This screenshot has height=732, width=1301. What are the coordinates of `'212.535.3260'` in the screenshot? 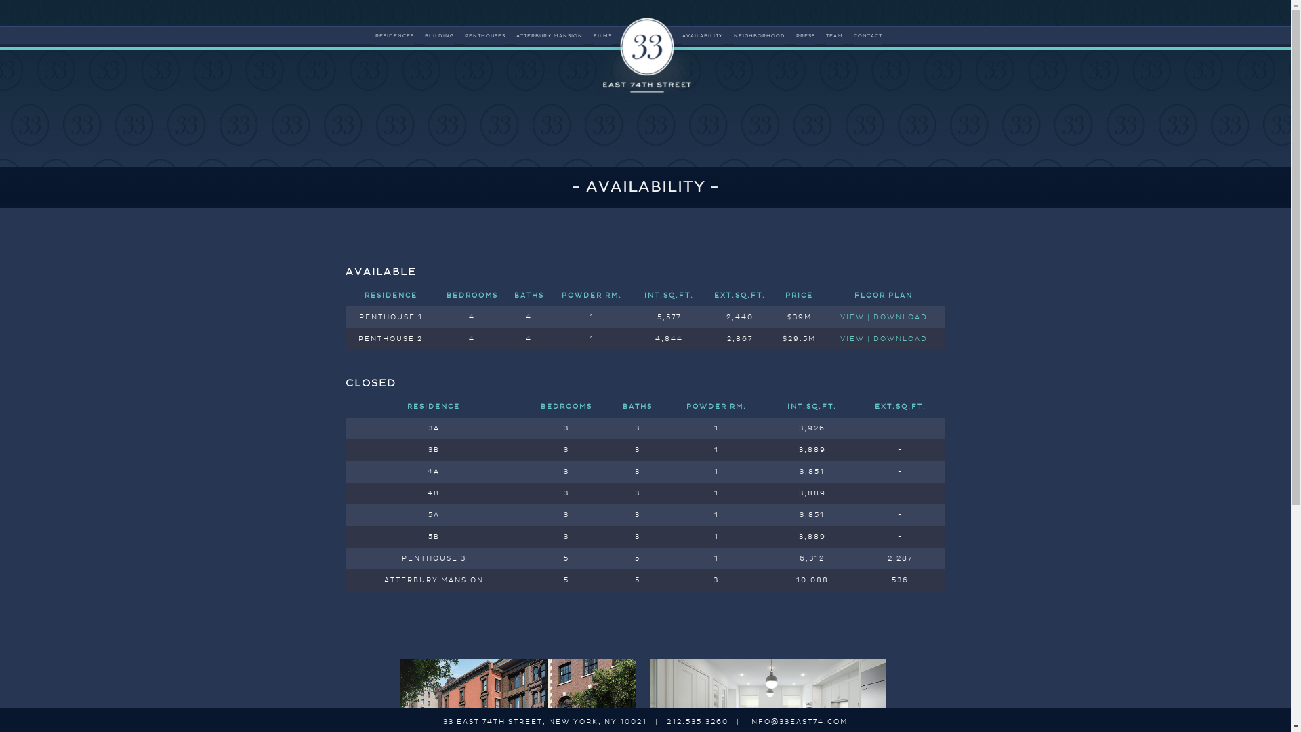 It's located at (697, 720).